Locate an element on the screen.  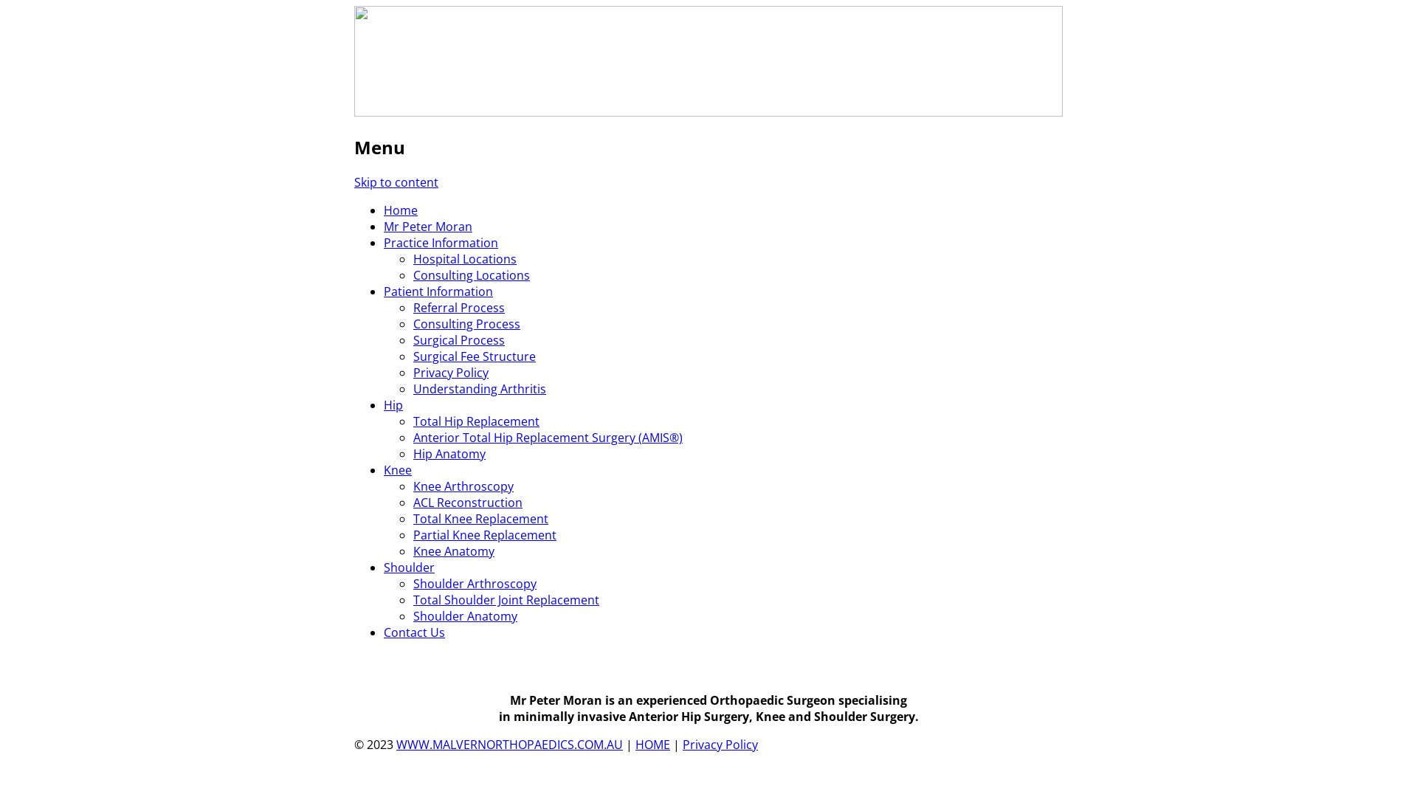
'Total Shoulder Joint Replacement' is located at coordinates (506, 600).